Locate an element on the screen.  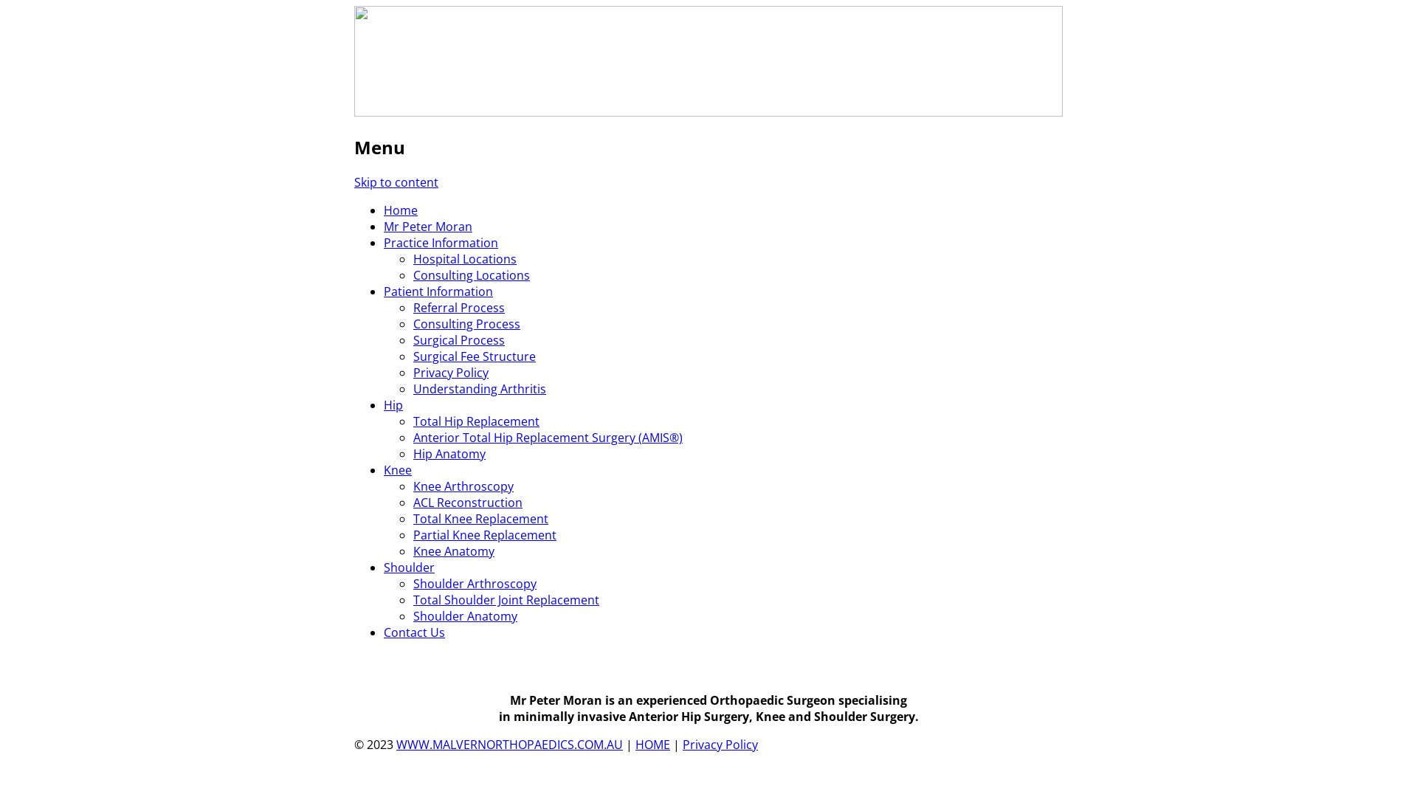
'Total Shoulder Joint Replacement' is located at coordinates (506, 600).